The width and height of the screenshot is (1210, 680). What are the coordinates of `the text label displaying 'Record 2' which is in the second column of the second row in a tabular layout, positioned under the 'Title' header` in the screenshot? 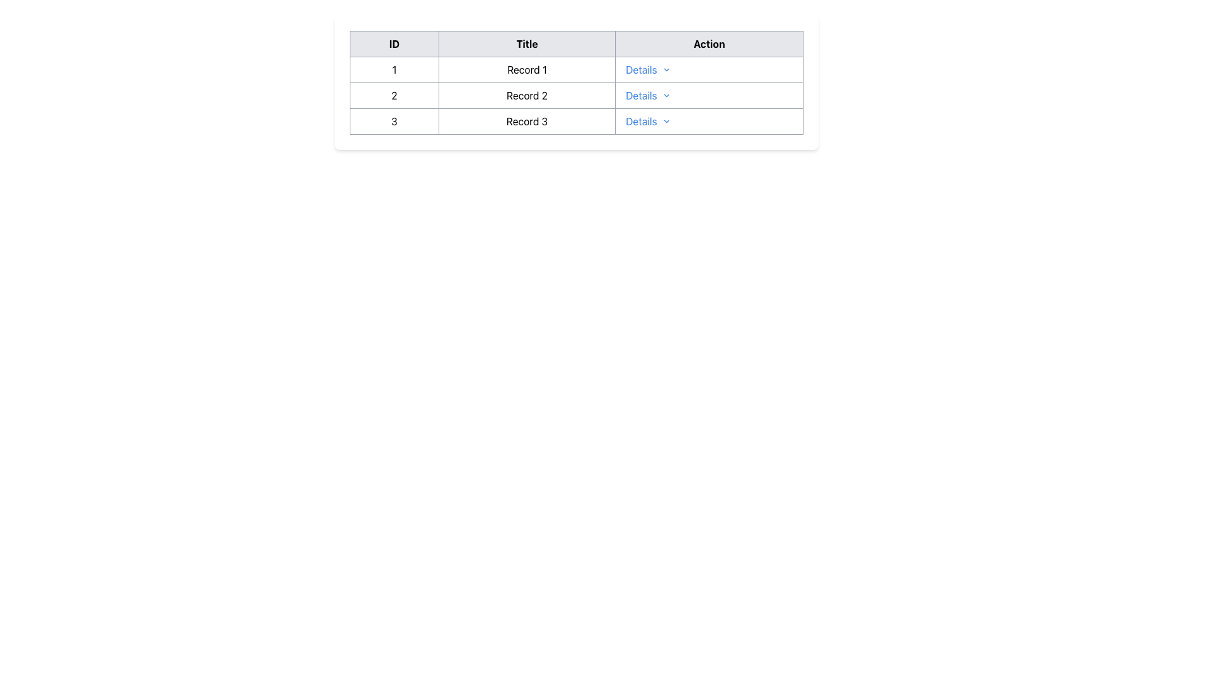 It's located at (527, 94).